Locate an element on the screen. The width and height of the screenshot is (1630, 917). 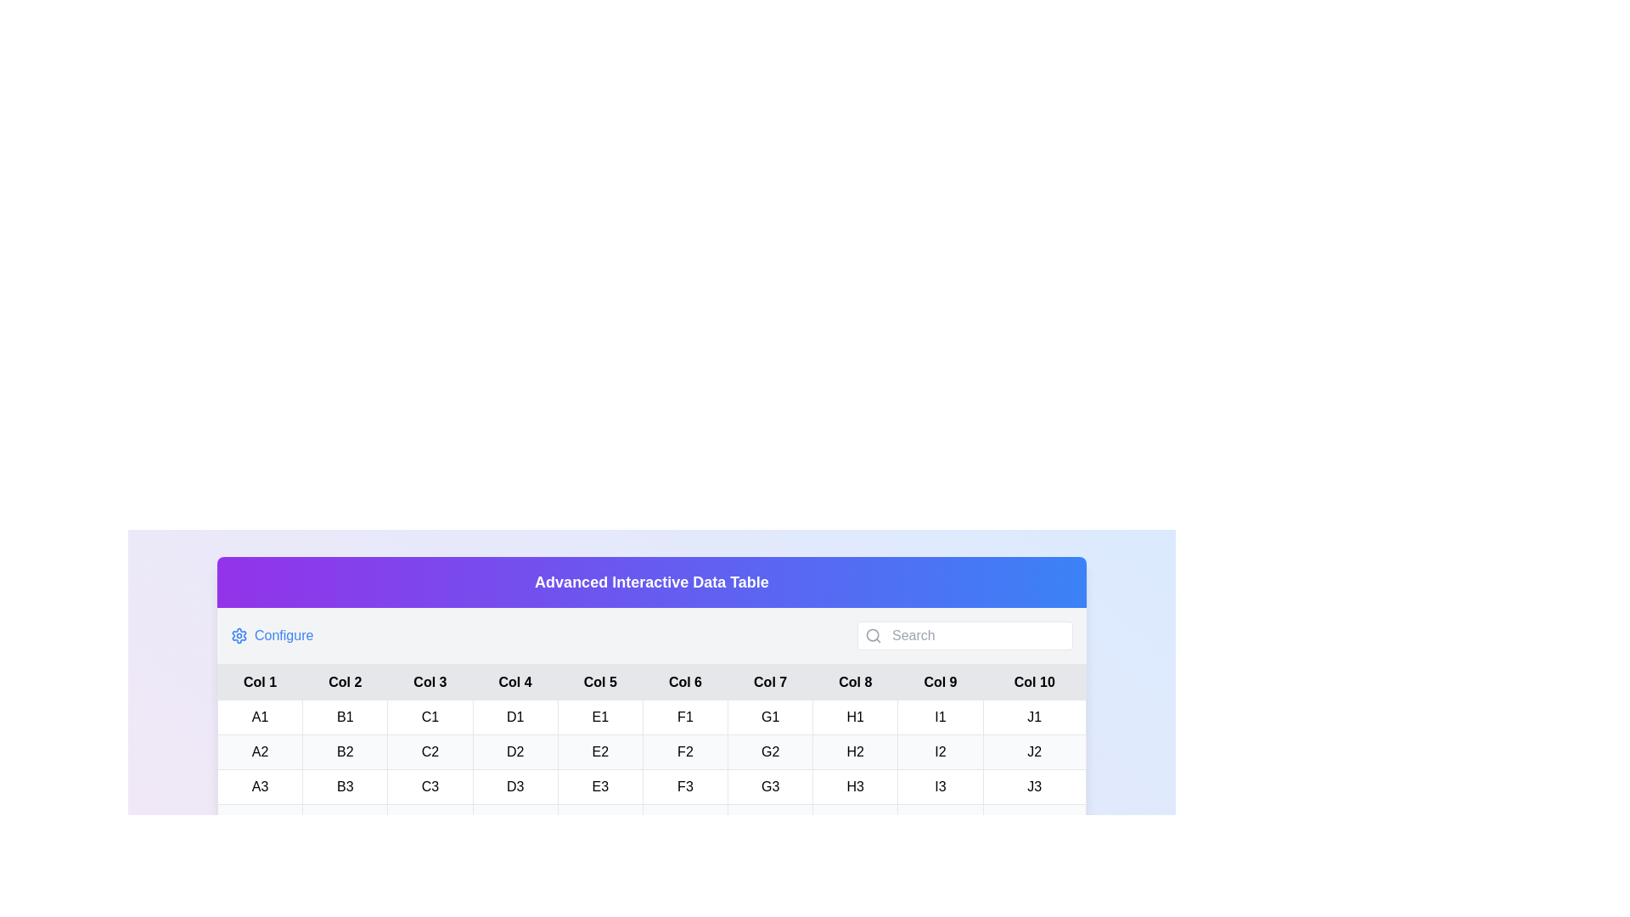
the 'Configure' button is located at coordinates (272, 635).